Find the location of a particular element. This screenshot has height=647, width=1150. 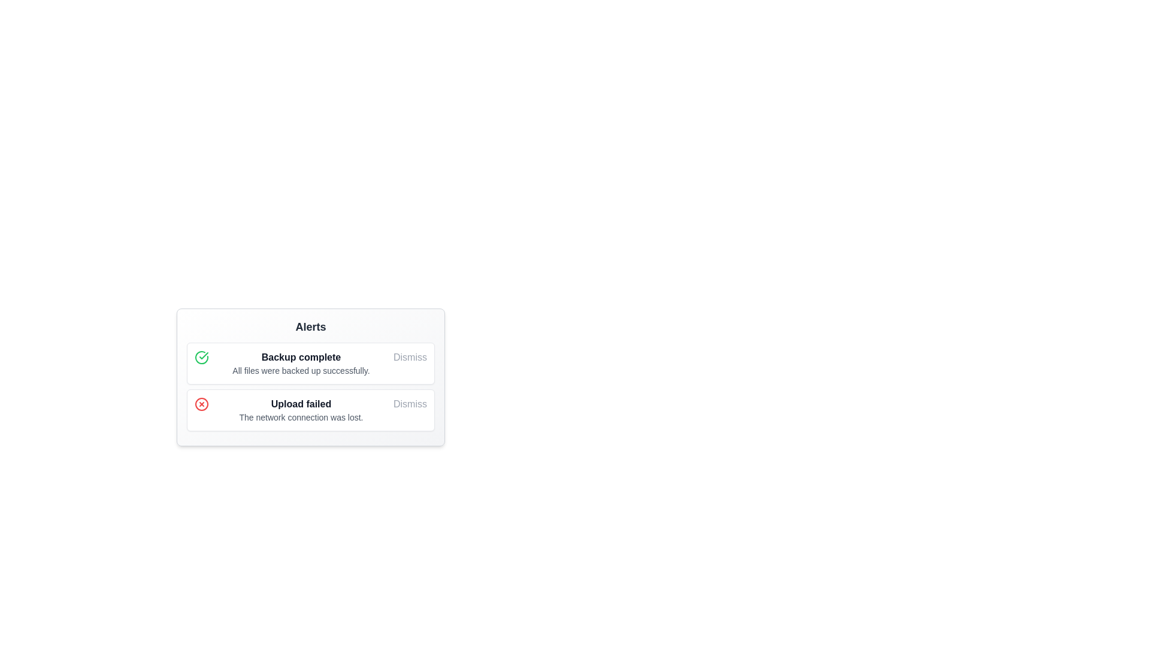

the green circular graphical representation that symbolizes a 'check' mark, located to the left of the 'Backup complete' notification message in the alerts section is located at coordinates (201, 357).